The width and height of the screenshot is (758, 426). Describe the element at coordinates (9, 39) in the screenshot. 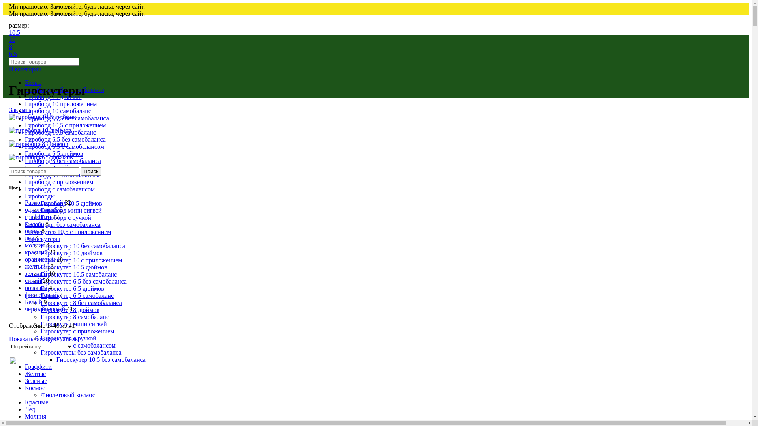

I see `'10'` at that location.